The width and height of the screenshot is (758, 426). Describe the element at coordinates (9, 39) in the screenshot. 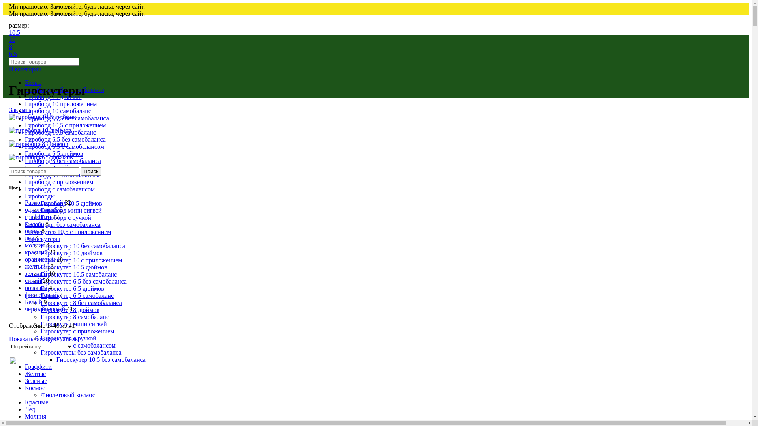

I see `'10'` at that location.